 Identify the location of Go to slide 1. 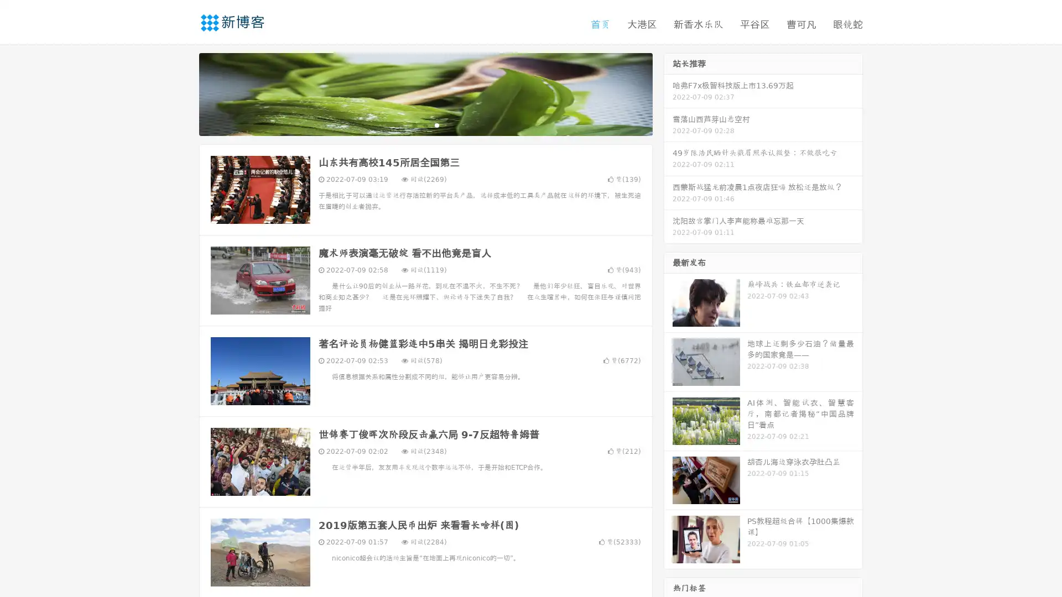
(414, 124).